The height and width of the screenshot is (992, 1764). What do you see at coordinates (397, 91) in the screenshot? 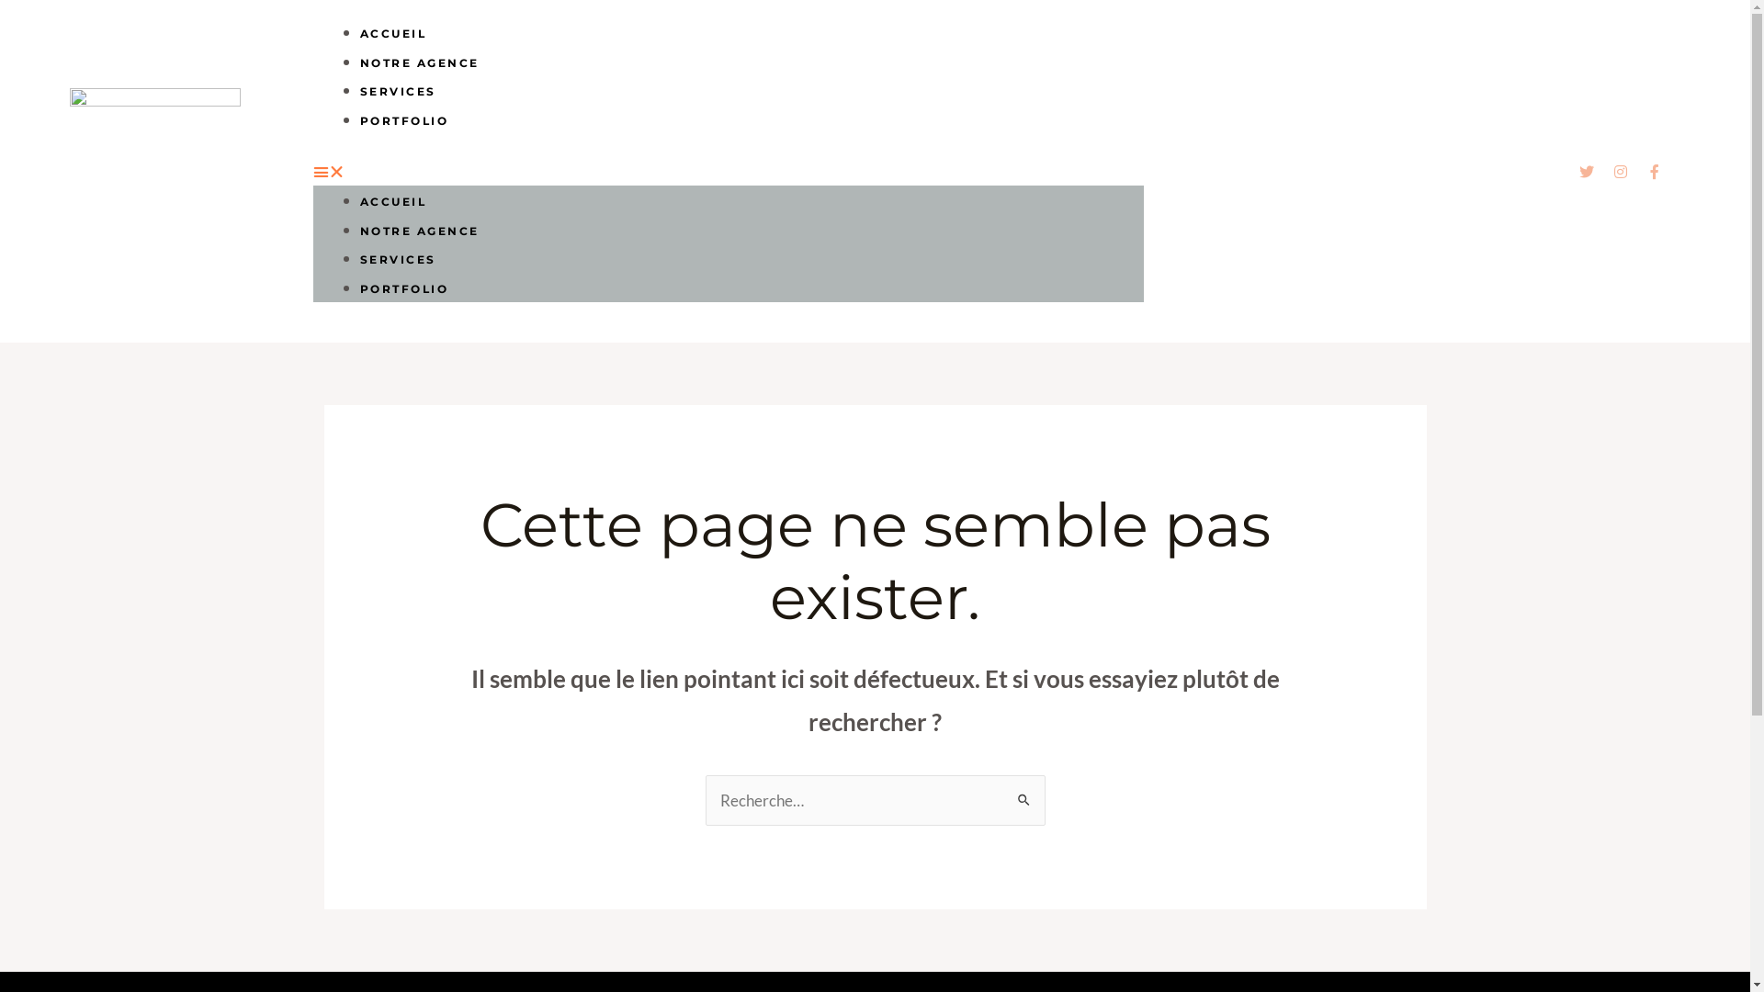
I see `'SERVICES'` at bounding box center [397, 91].